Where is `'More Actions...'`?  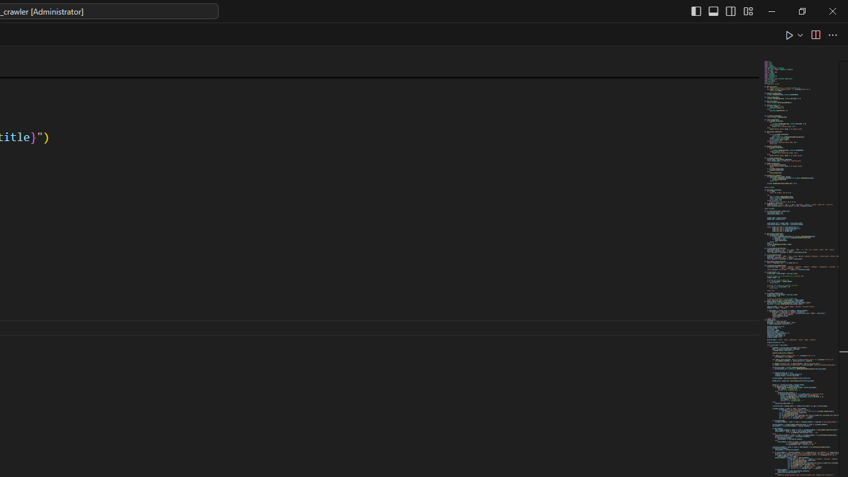 'More Actions...' is located at coordinates (831, 34).